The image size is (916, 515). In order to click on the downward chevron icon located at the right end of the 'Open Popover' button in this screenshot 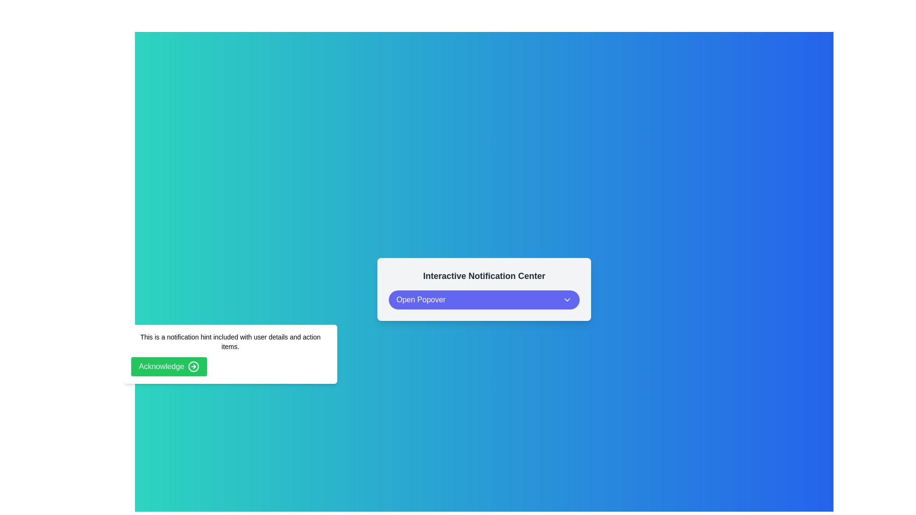, I will do `click(567, 299)`.